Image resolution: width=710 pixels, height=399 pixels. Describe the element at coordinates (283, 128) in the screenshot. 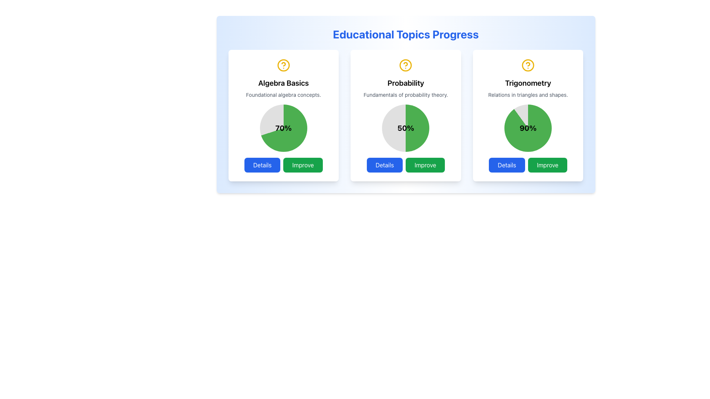

I see `the Circular Progress Indicator within the 'Algebra Basics' card, which visually represents the completion percentage` at that location.